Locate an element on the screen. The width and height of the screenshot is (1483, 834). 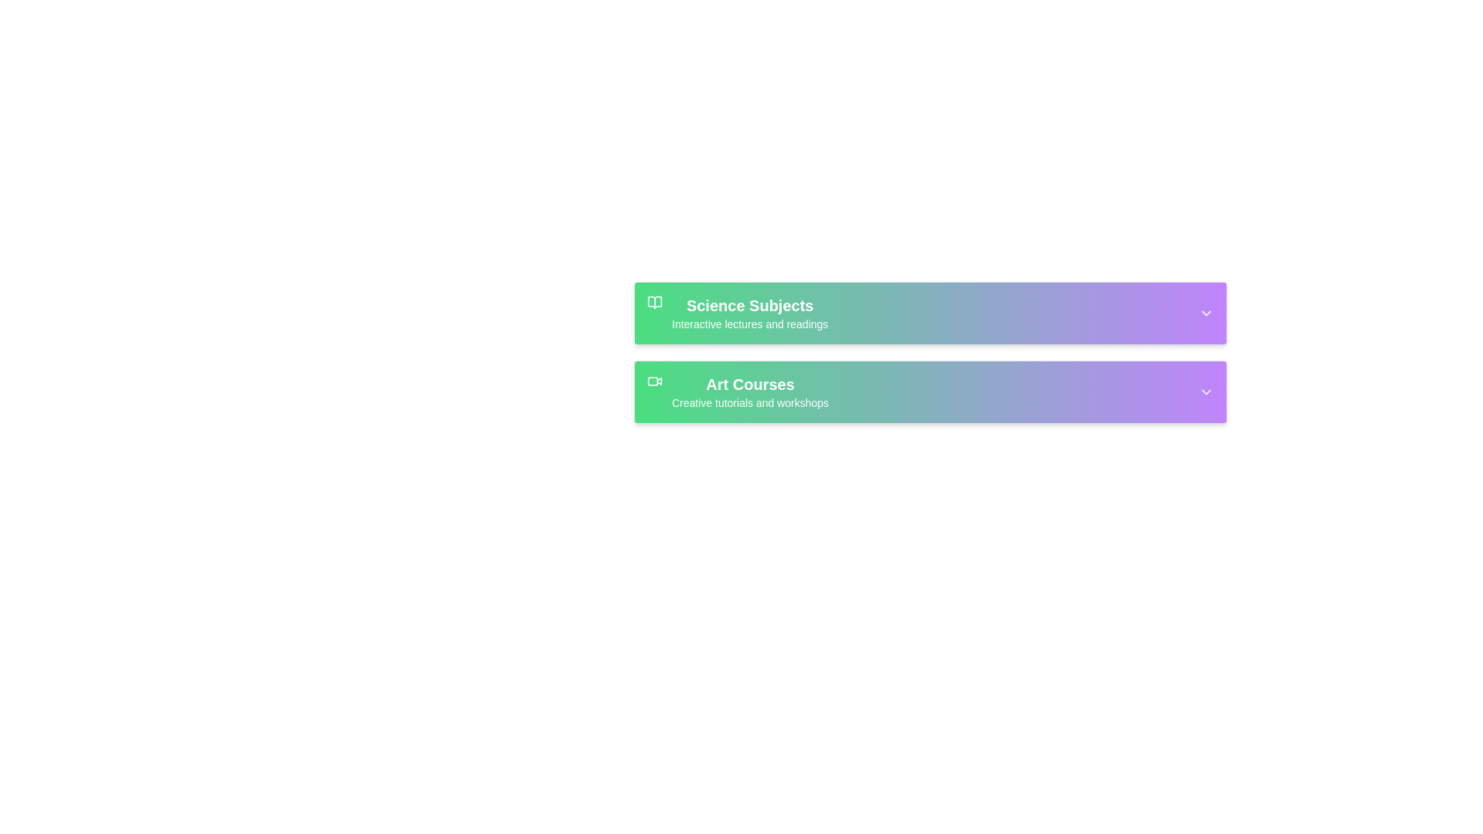
video icon on the informational card about art-related courses, which is the second card in the list and features expandable content is located at coordinates (929, 392).